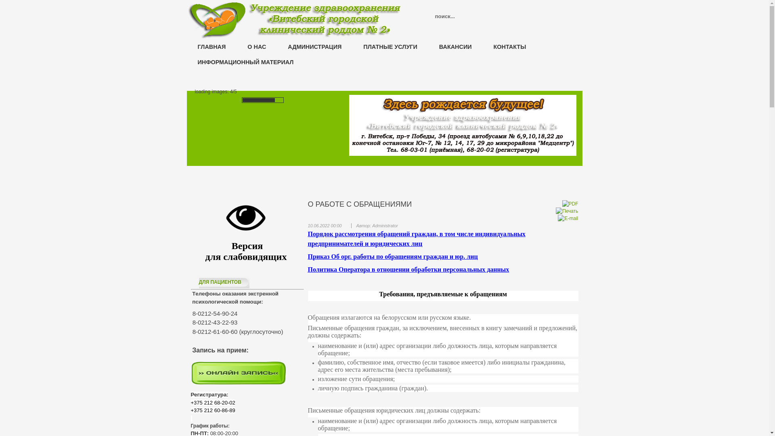  What do you see at coordinates (567, 218) in the screenshot?
I see `'E-mail'` at bounding box center [567, 218].